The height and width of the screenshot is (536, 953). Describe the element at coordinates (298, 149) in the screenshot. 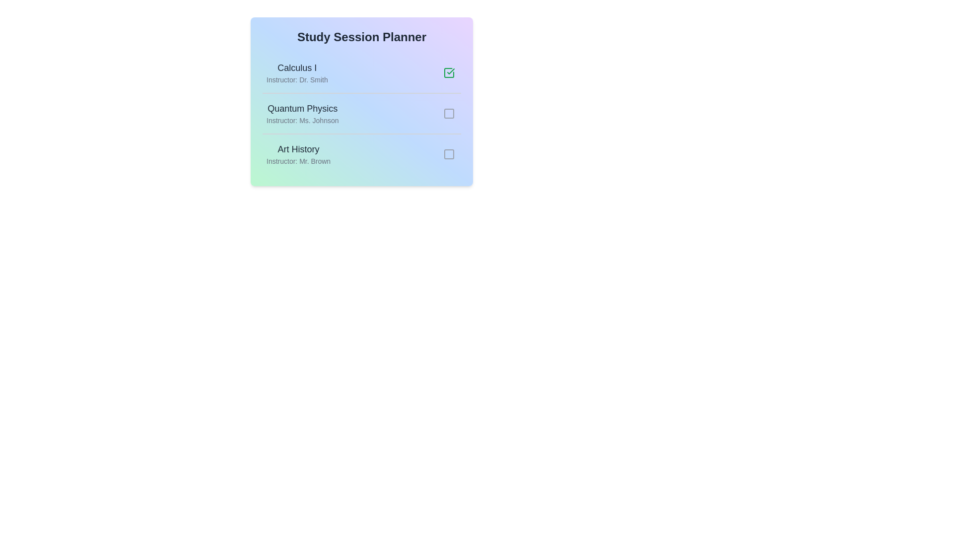

I see `the topic and instructor information for the session titled 'Art History'` at that location.